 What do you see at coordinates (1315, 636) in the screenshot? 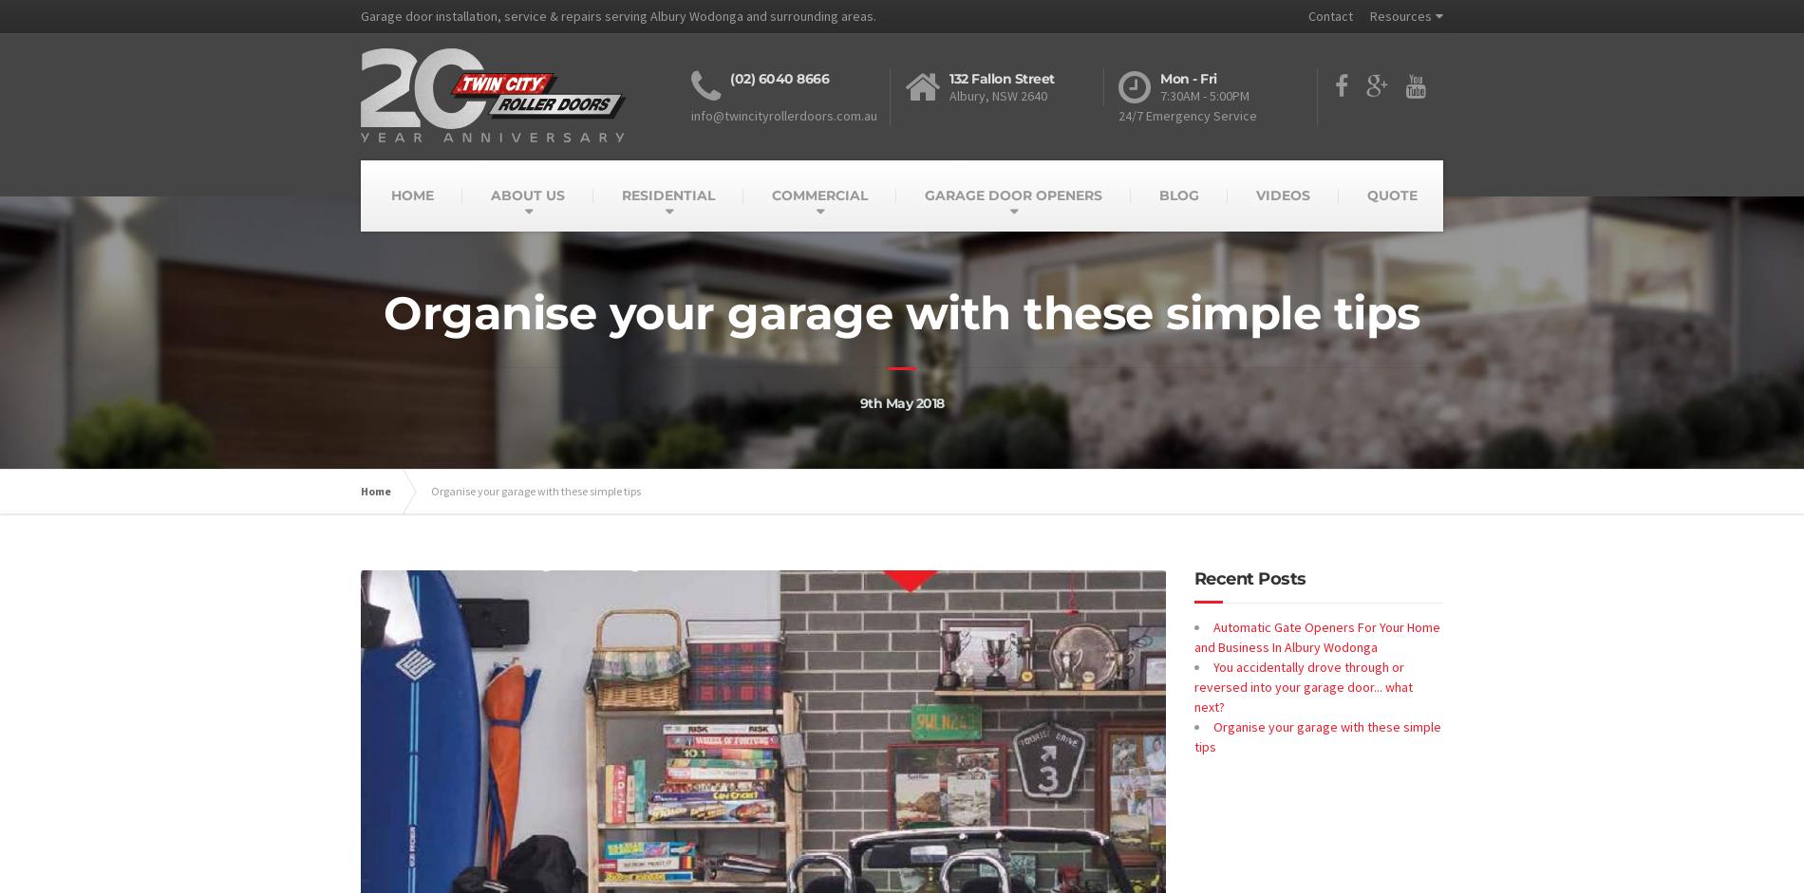
I see `'Automatic Gate Openers For Your Home and Business In Albury Wodonga'` at bounding box center [1315, 636].